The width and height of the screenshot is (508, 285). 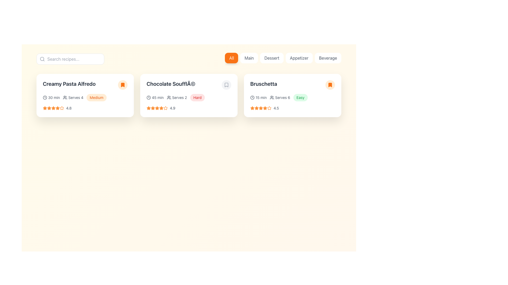 What do you see at coordinates (45, 108) in the screenshot?
I see `the first star icon in the row of five stars for rating, located at the bottom-left section of the 'Creamy Pasta Alfredo' card` at bounding box center [45, 108].